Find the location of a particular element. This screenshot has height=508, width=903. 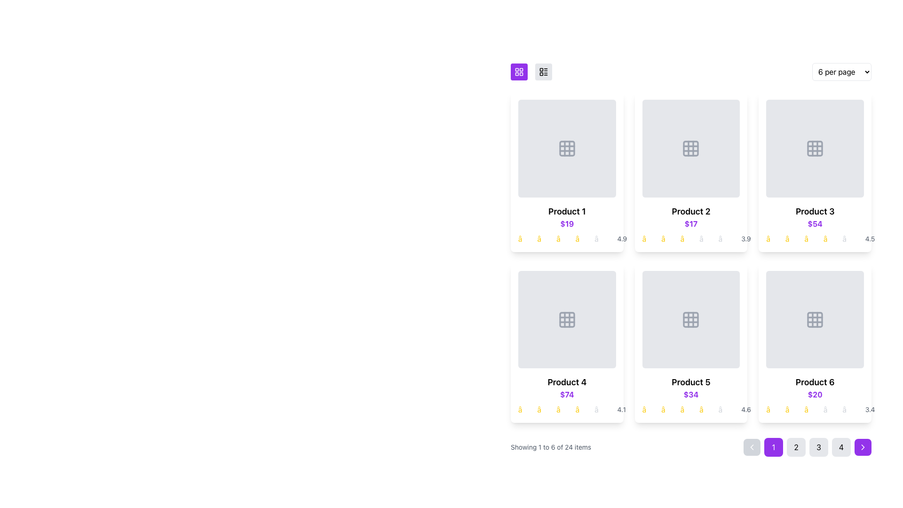

the grid icon representing an image placeholder for 'Product 6' located in the bottom-right position of the product grid is located at coordinates (815, 319).